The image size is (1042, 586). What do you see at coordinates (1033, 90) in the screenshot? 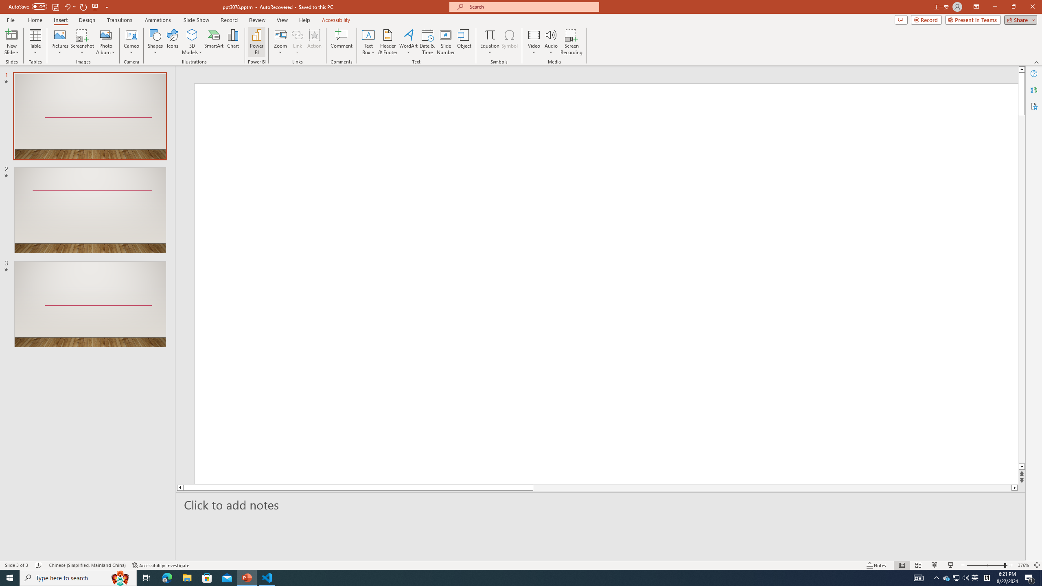
I see `'Translator'` at bounding box center [1033, 90].